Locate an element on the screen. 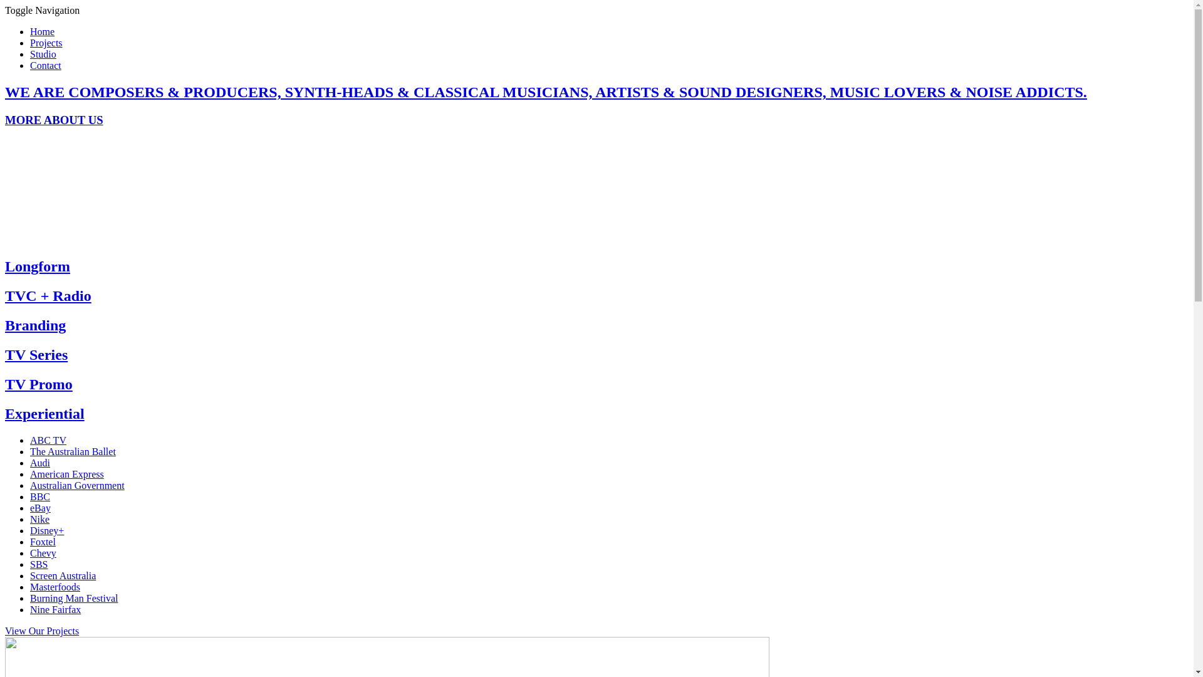 This screenshot has height=677, width=1203. 'Nike' is located at coordinates (39, 519).